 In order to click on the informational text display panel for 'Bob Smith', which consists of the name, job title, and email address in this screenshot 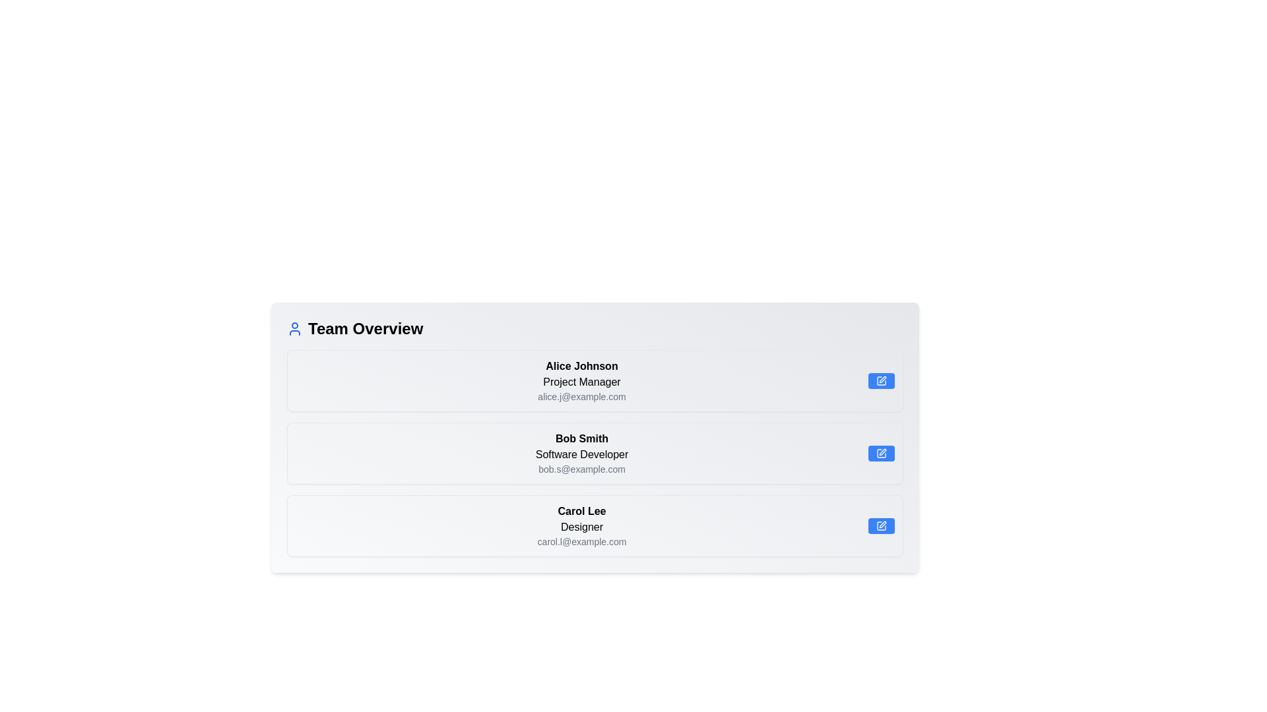, I will do `click(581, 452)`.